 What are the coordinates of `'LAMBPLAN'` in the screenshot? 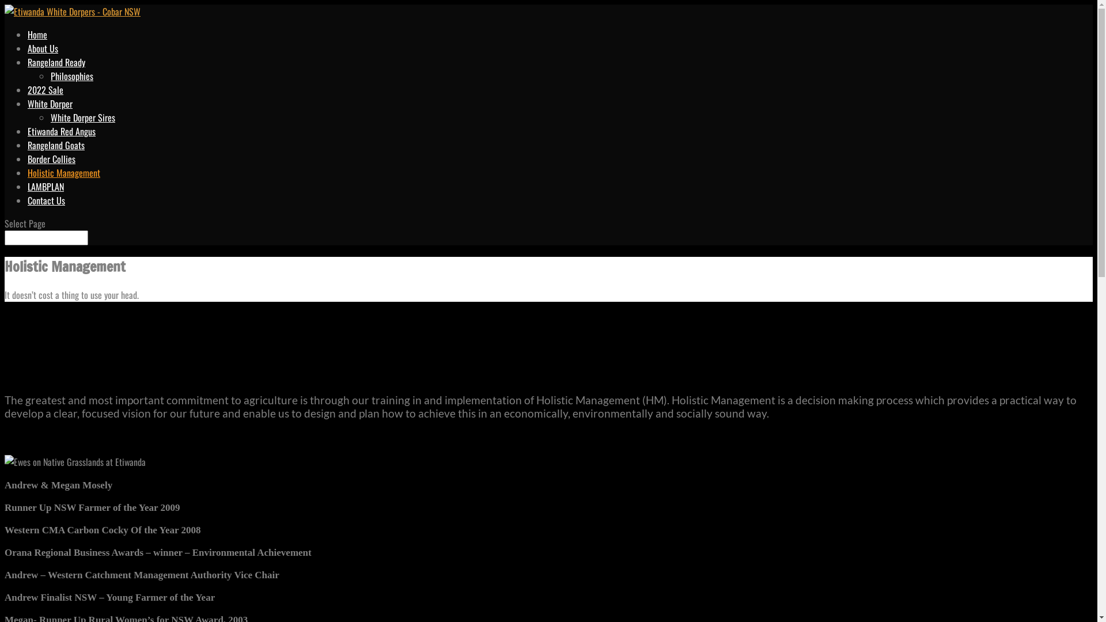 It's located at (46, 186).